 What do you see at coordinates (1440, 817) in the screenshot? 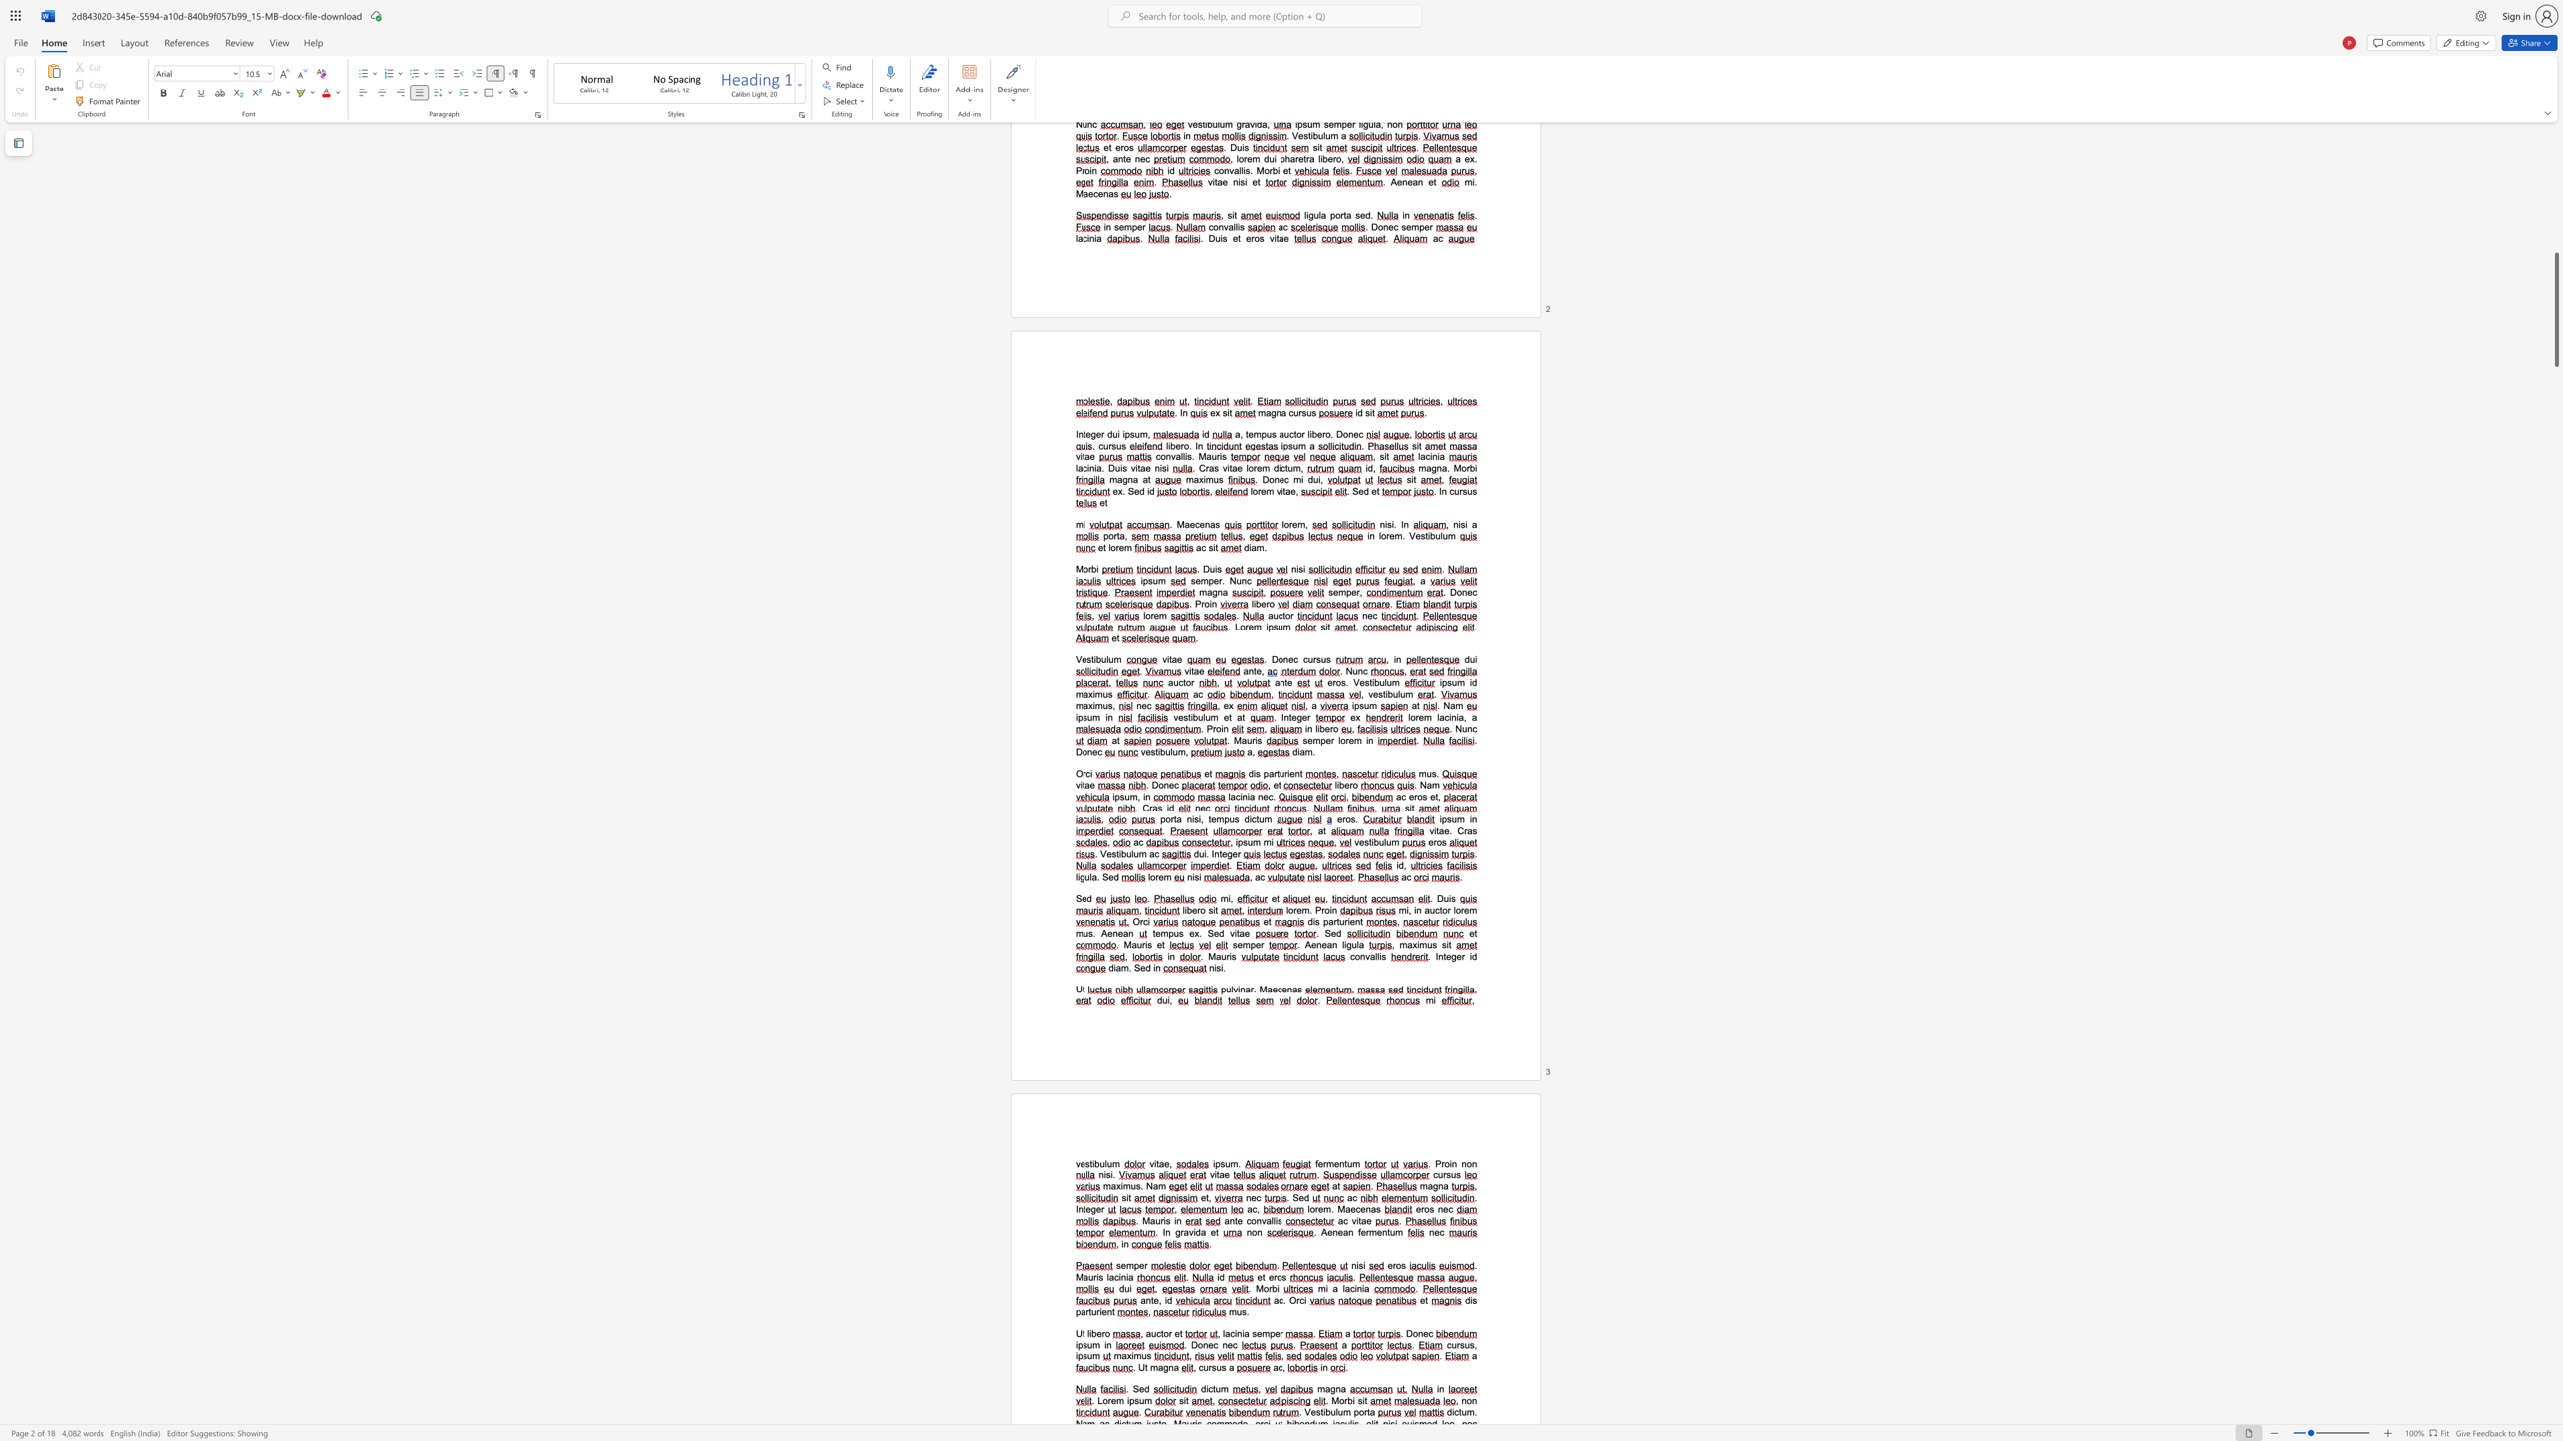
I see `the 1th character "i" in the text` at bounding box center [1440, 817].